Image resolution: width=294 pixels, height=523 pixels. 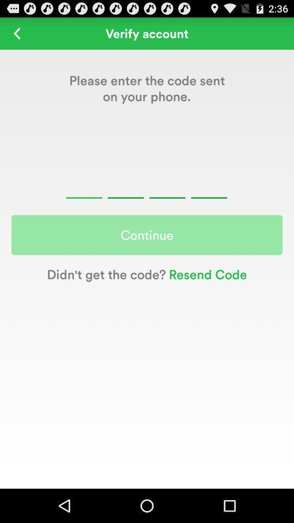 I want to click on the resend code on the right, so click(x=206, y=273).